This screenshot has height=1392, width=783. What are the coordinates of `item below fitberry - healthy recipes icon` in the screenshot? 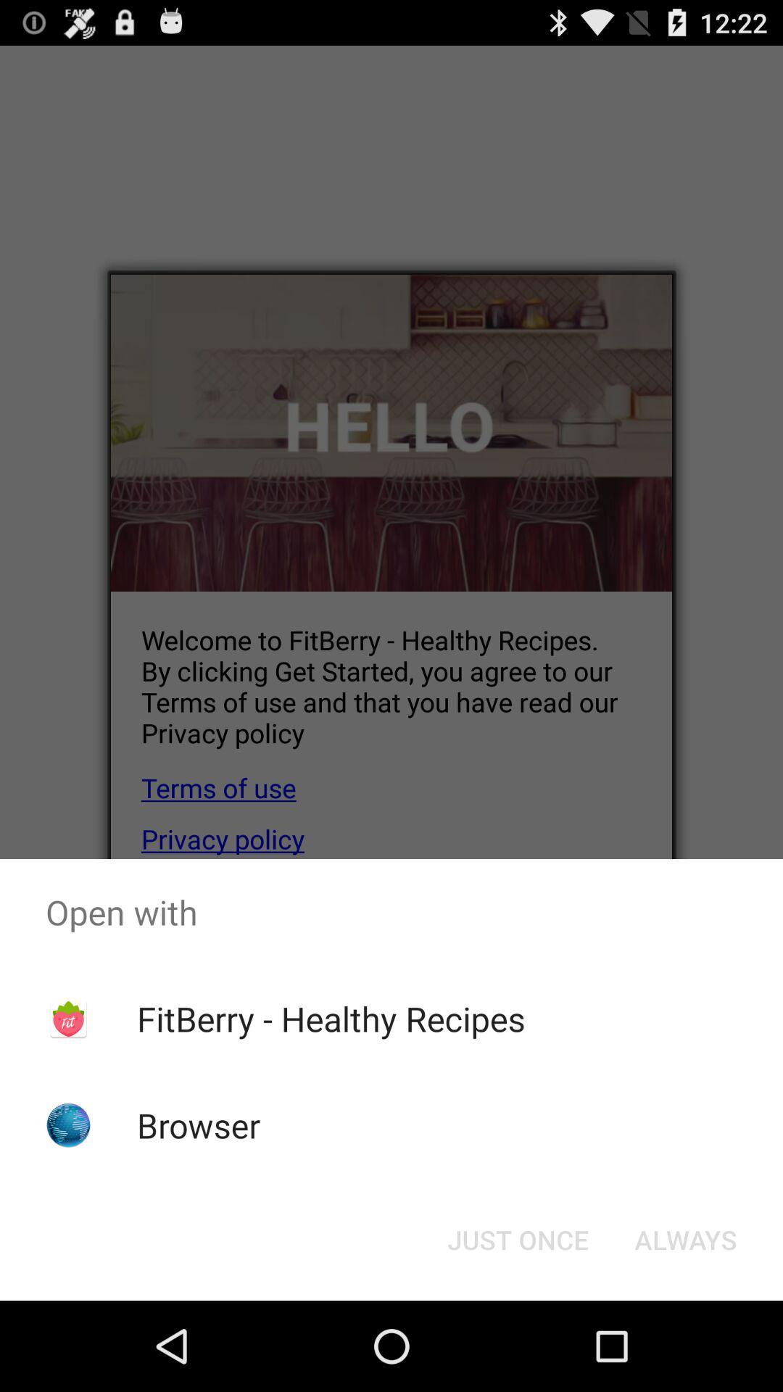 It's located at (517, 1238).